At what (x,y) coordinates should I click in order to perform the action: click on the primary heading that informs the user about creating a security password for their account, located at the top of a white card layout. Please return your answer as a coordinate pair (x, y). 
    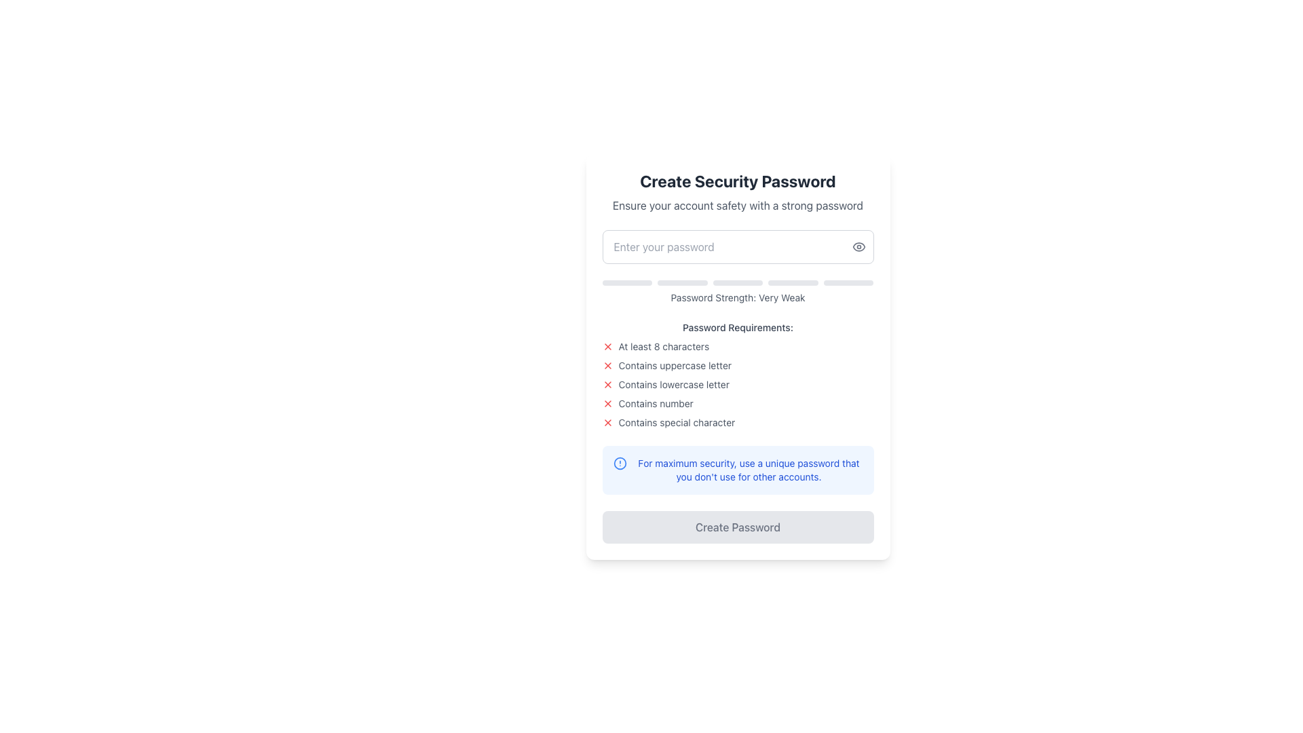
    Looking at the image, I should click on (737, 180).